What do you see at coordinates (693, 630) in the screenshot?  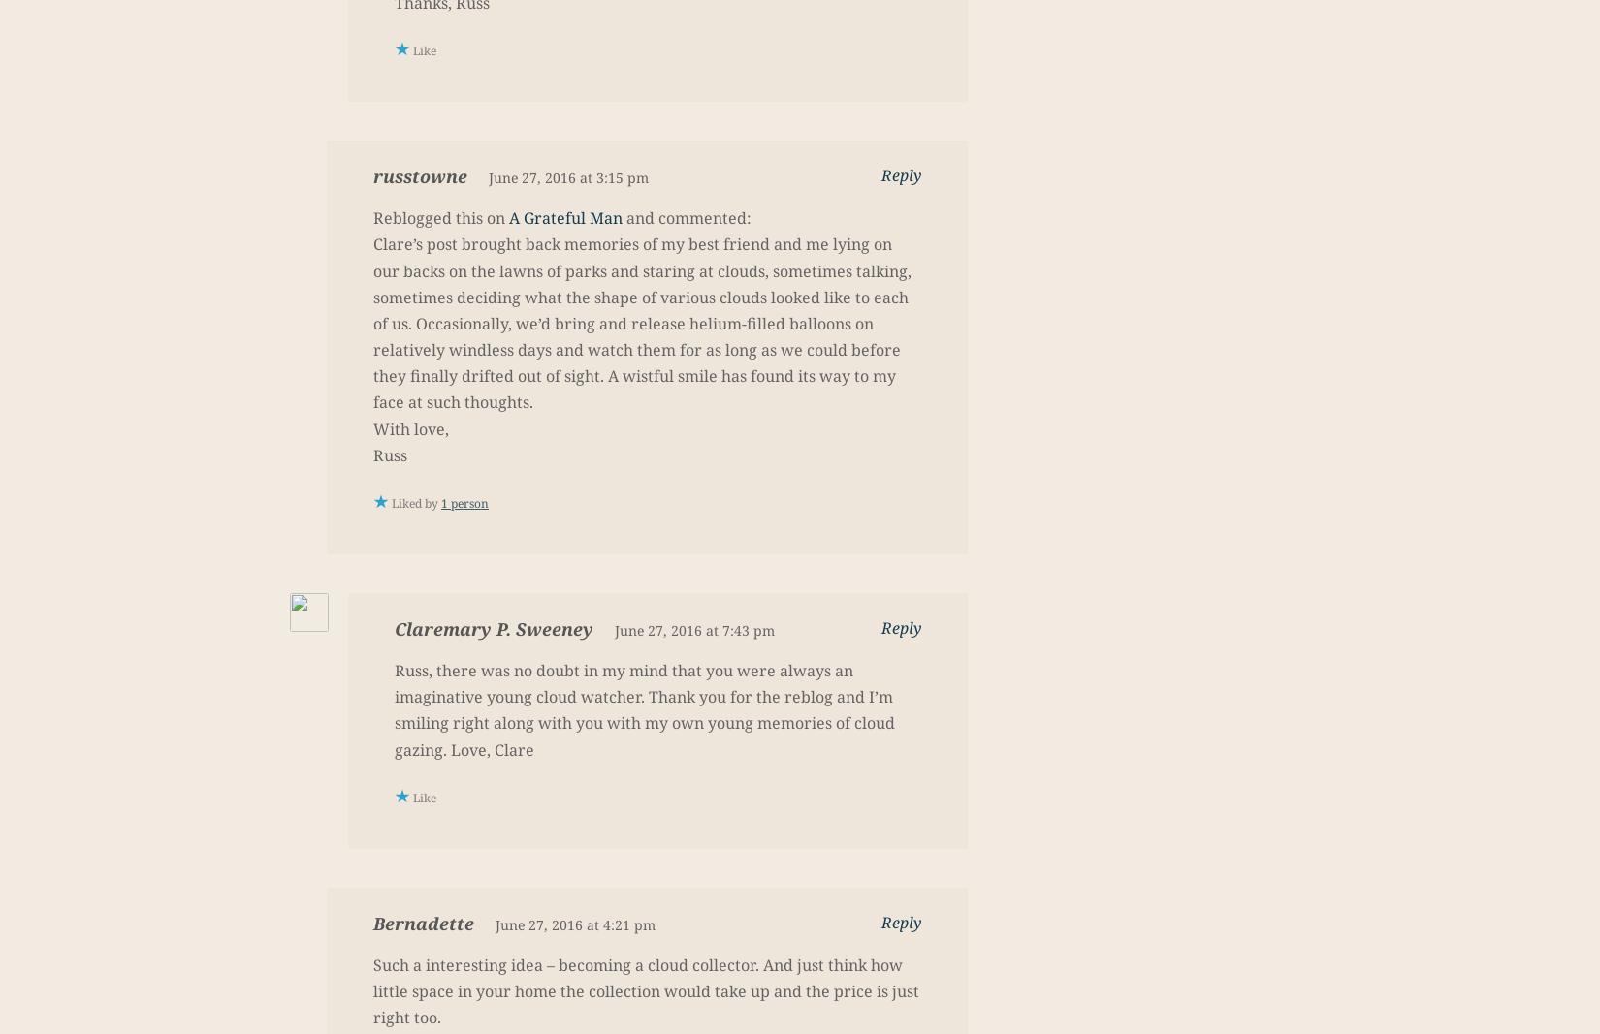 I see `'June 27, 2016 at 7:43 pm'` at bounding box center [693, 630].